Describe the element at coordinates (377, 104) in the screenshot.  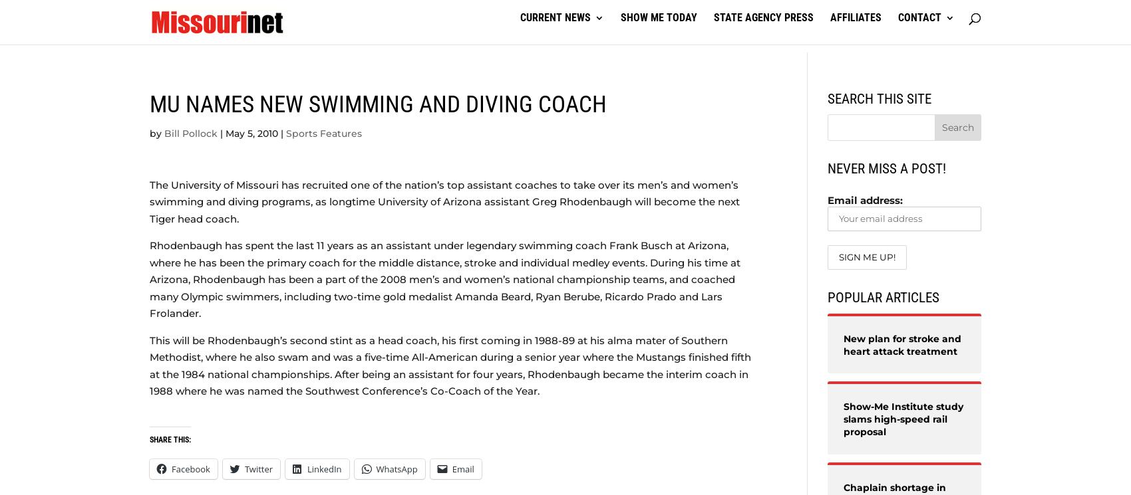
I see `'MU names new swimming and diving coach'` at that location.